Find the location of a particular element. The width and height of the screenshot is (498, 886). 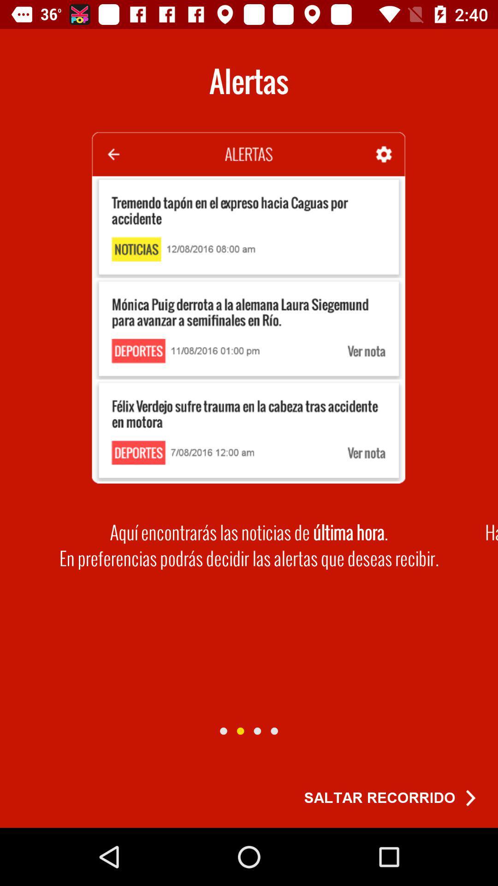

this slide is located at coordinates (223, 730).